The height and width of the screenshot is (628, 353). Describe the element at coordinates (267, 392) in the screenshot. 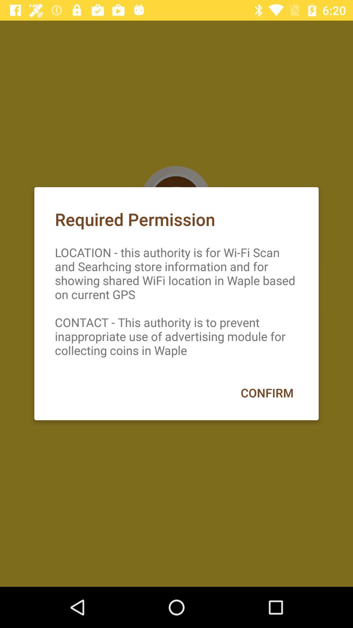

I see `confirm icon` at that location.